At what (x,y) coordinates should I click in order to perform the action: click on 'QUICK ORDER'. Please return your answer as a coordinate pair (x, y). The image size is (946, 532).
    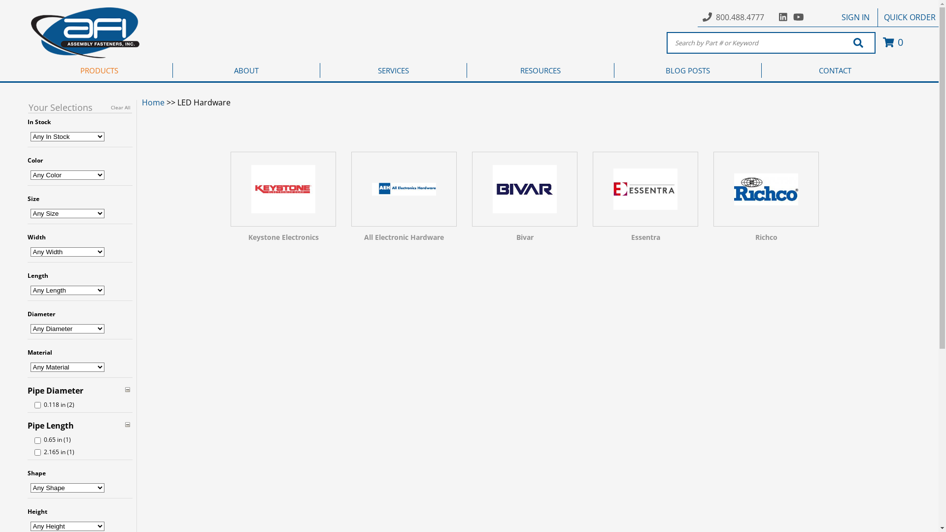
    Looking at the image, I should click on (909, 17).